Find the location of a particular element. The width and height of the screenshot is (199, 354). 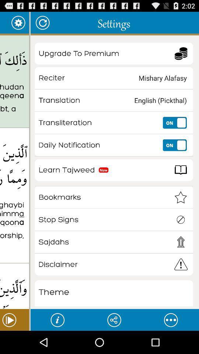

the item next to settings icon is located at coordinates (42, 22).